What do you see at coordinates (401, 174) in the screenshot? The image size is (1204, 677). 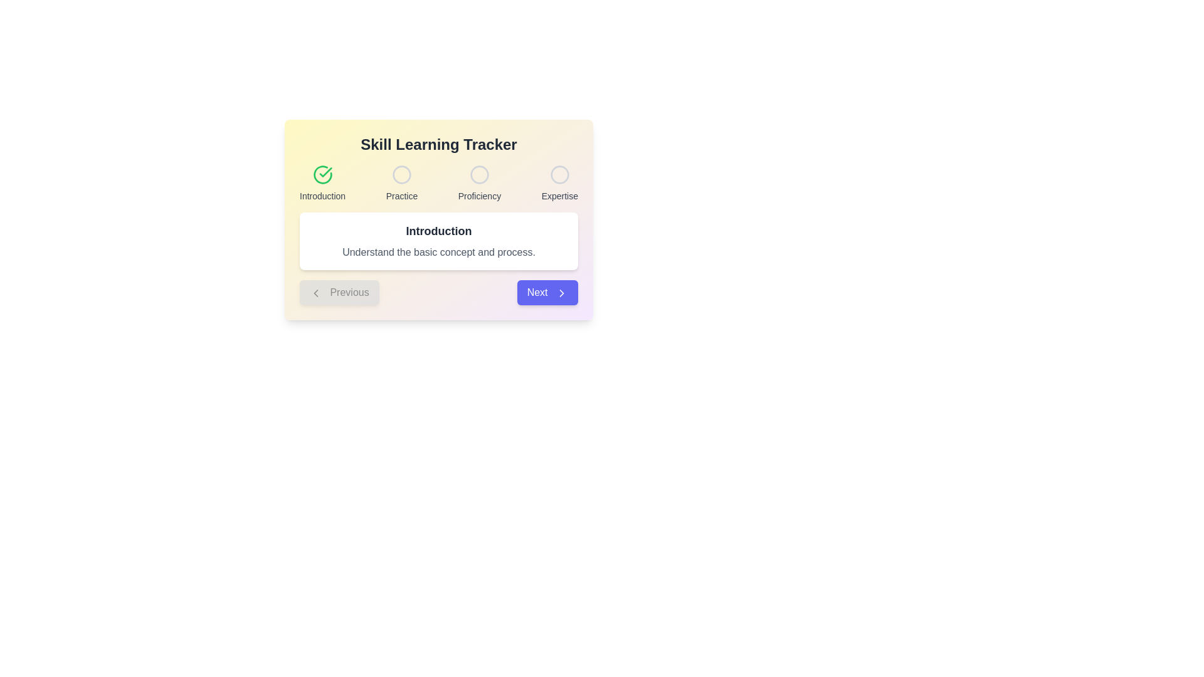 I see `the second circular icon in the 'Skill Learning Tracker' section, which is outlined in light gray and labeled 'Practice'` at bounding box center [401, 174].